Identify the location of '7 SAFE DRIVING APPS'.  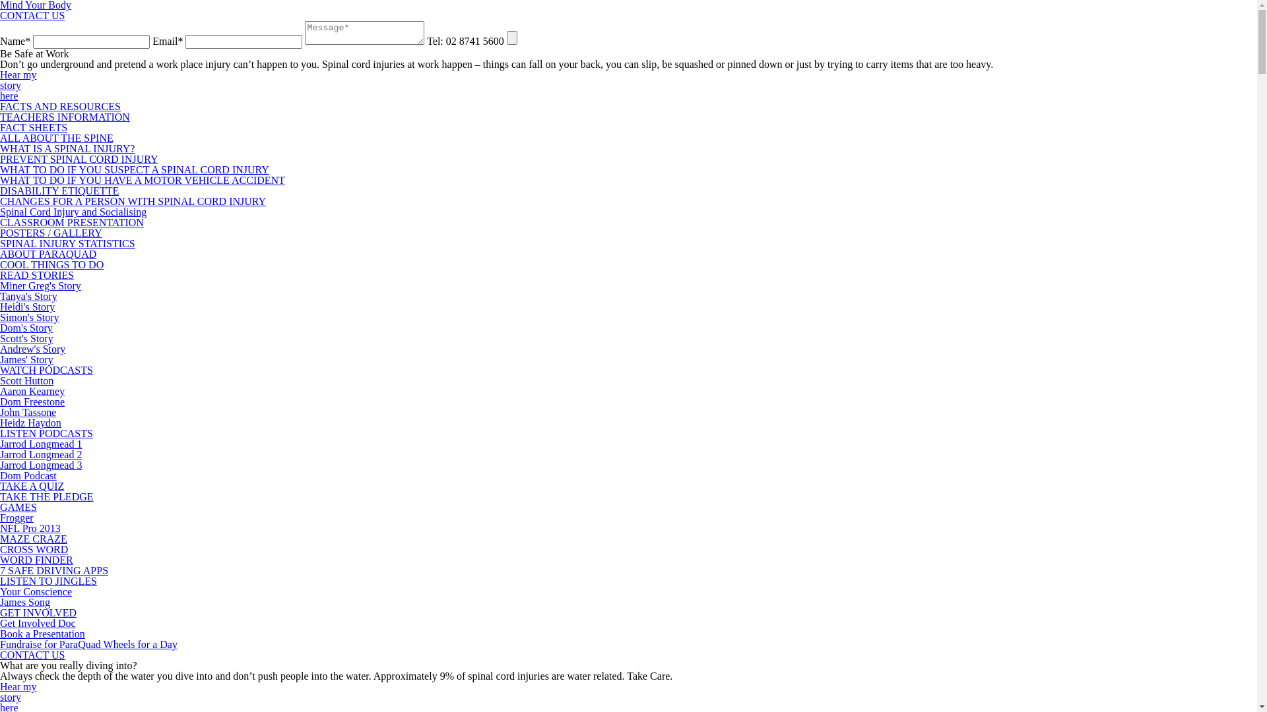
(53, 570).